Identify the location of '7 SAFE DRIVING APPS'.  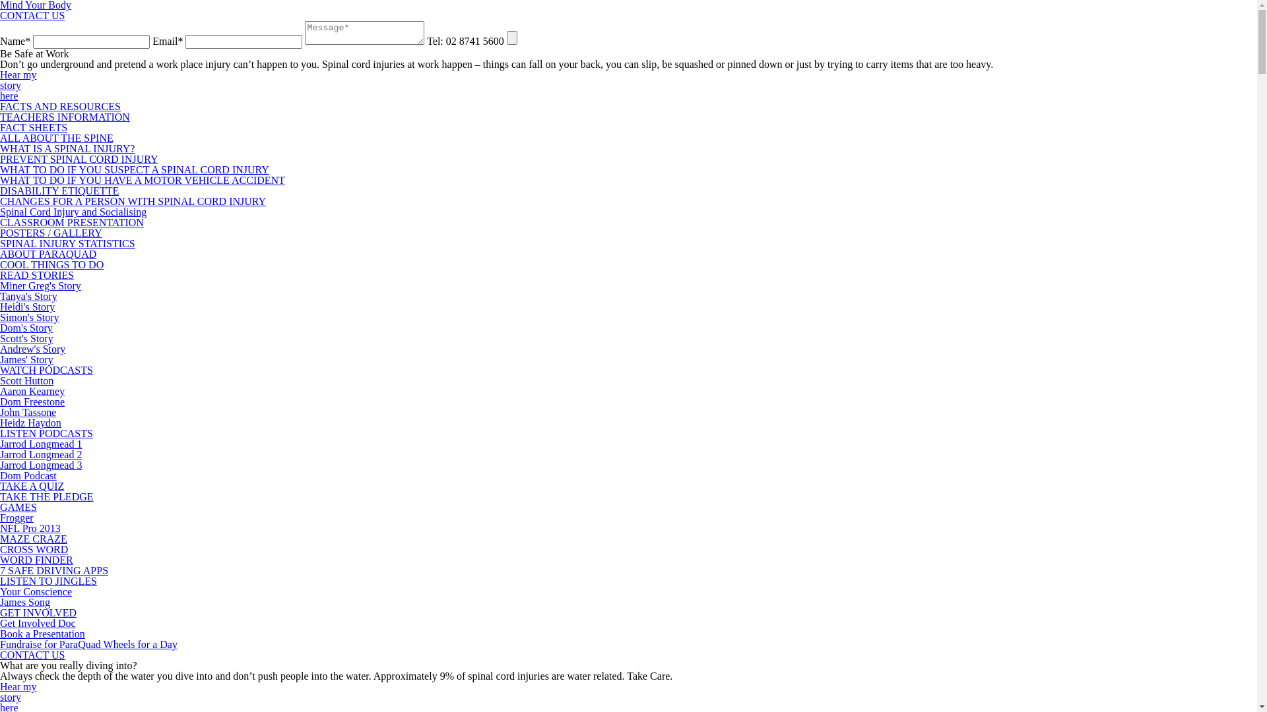
(53, 570).